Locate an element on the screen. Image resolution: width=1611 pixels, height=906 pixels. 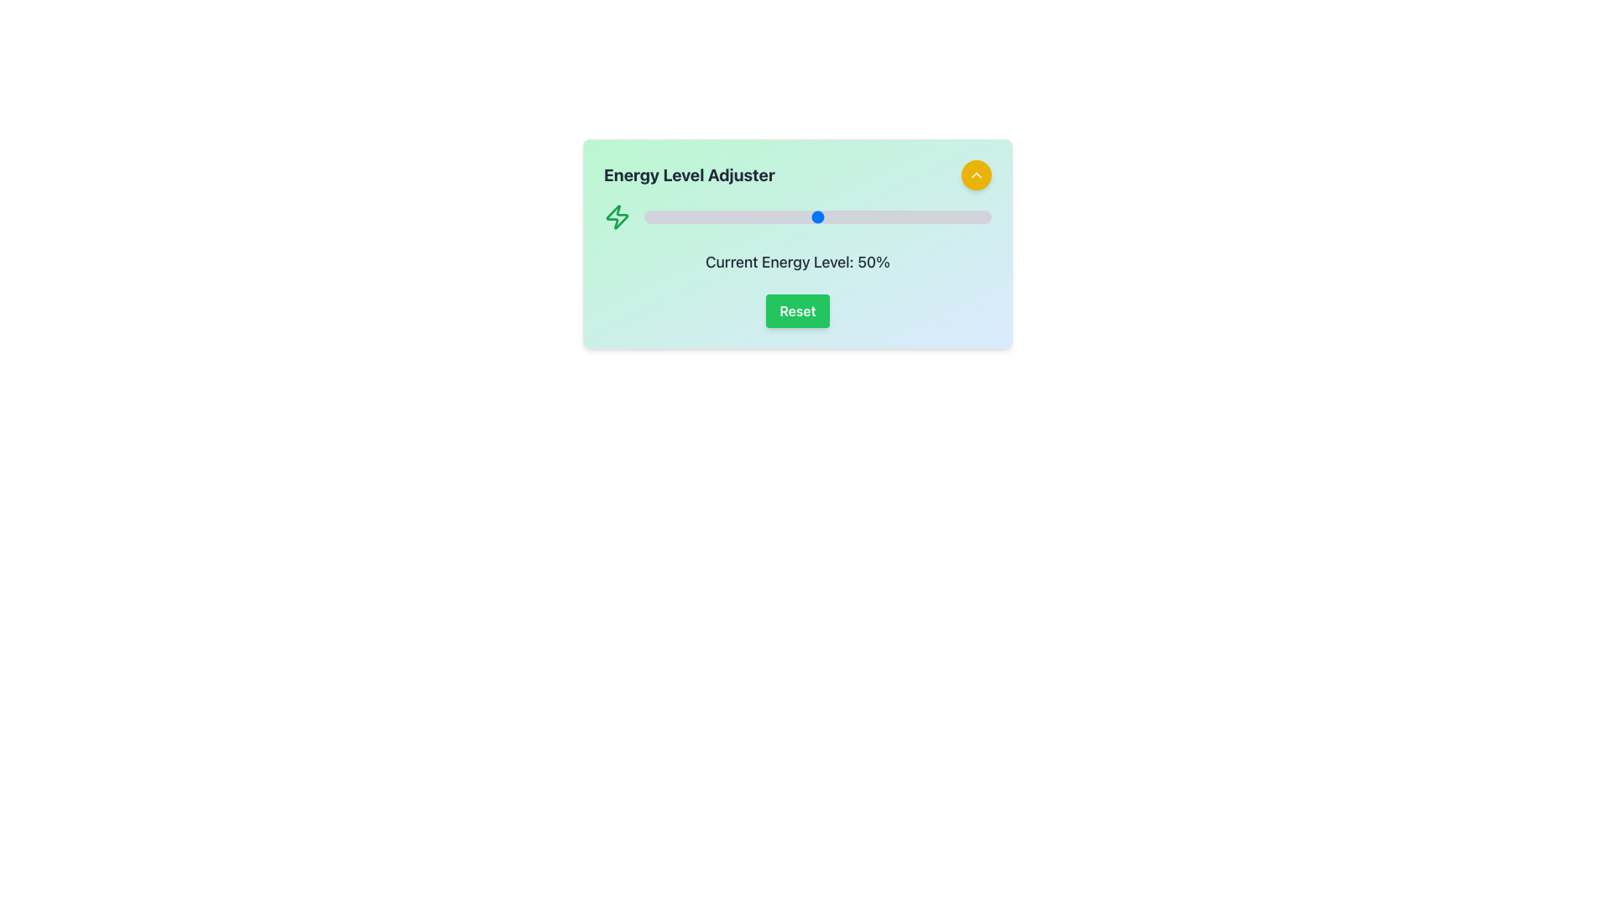
the energy level is located at coordinates (772, 216).